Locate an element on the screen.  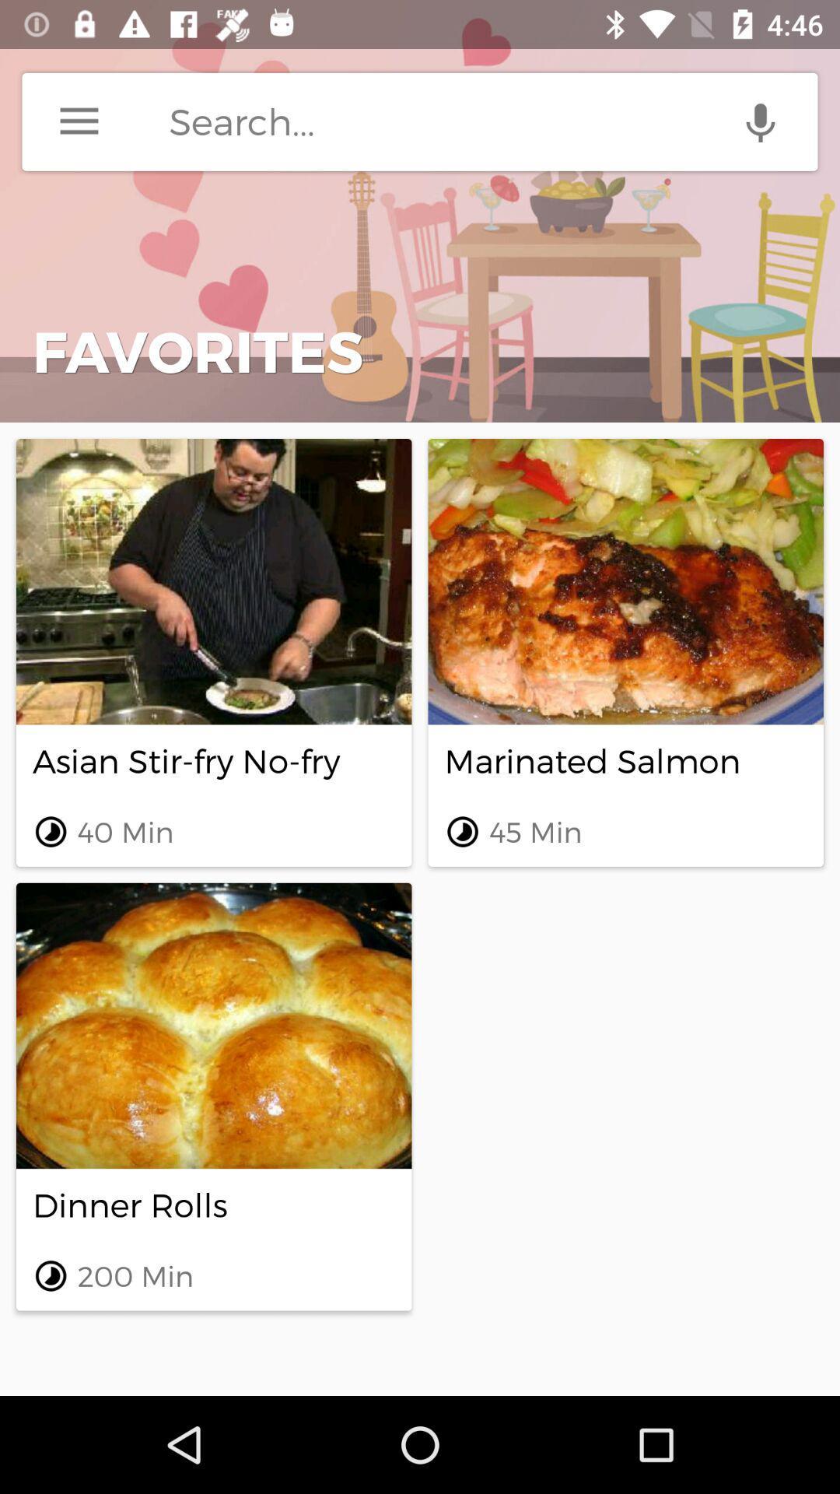
speech to text is located at coordinates (760, 121).